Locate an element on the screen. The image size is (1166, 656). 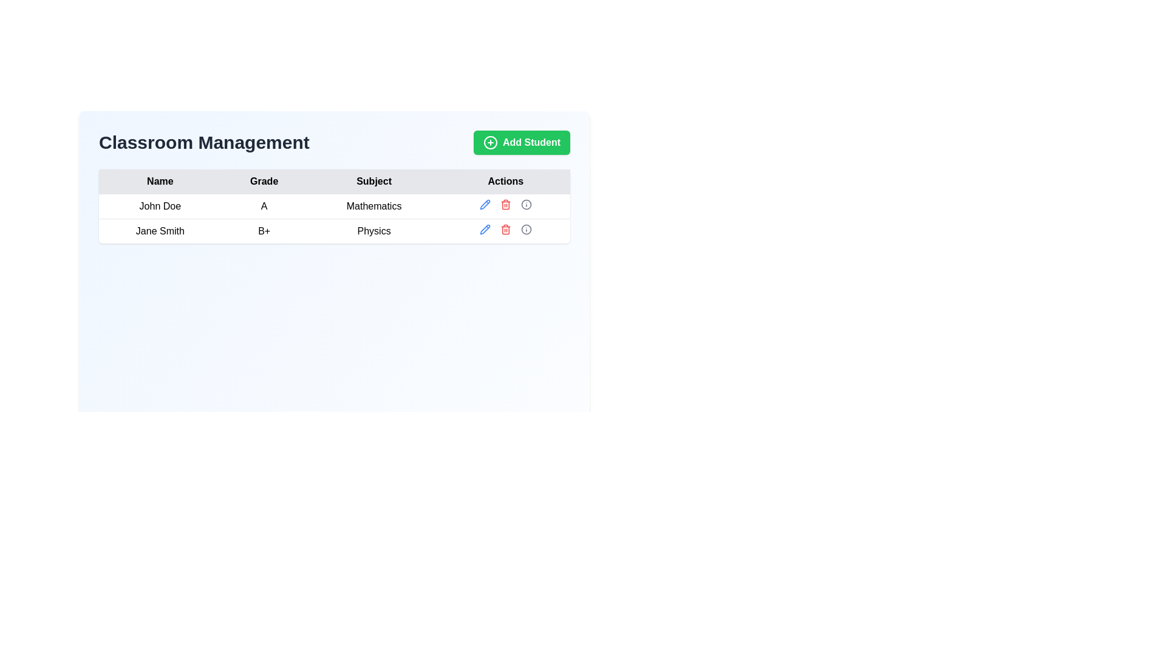
the delete action button located in the Actions column of the first row of the table is located at coordinates (505, 203).